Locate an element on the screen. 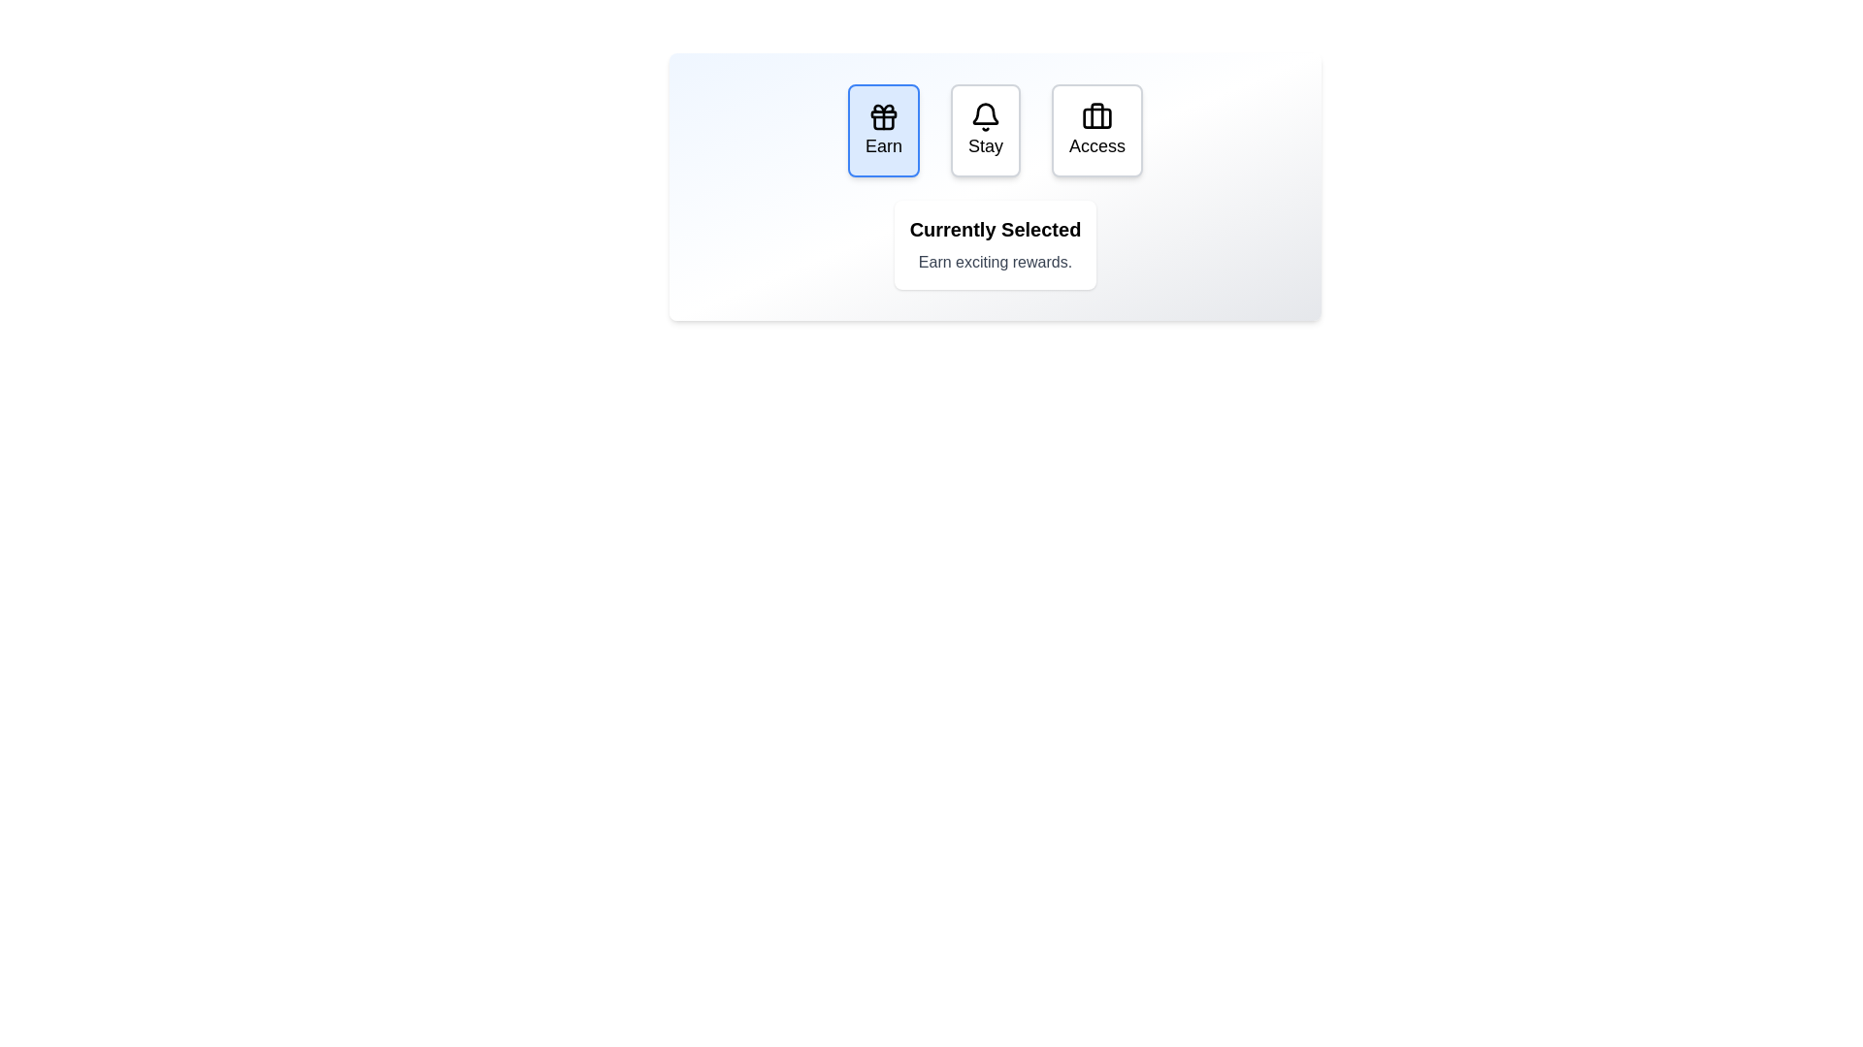 The image size is (1863, 1047). the 'Access' button, which is the third card in a horizontal row of three cards, to trigger a secondary action is located at coordinates (1097, 131).